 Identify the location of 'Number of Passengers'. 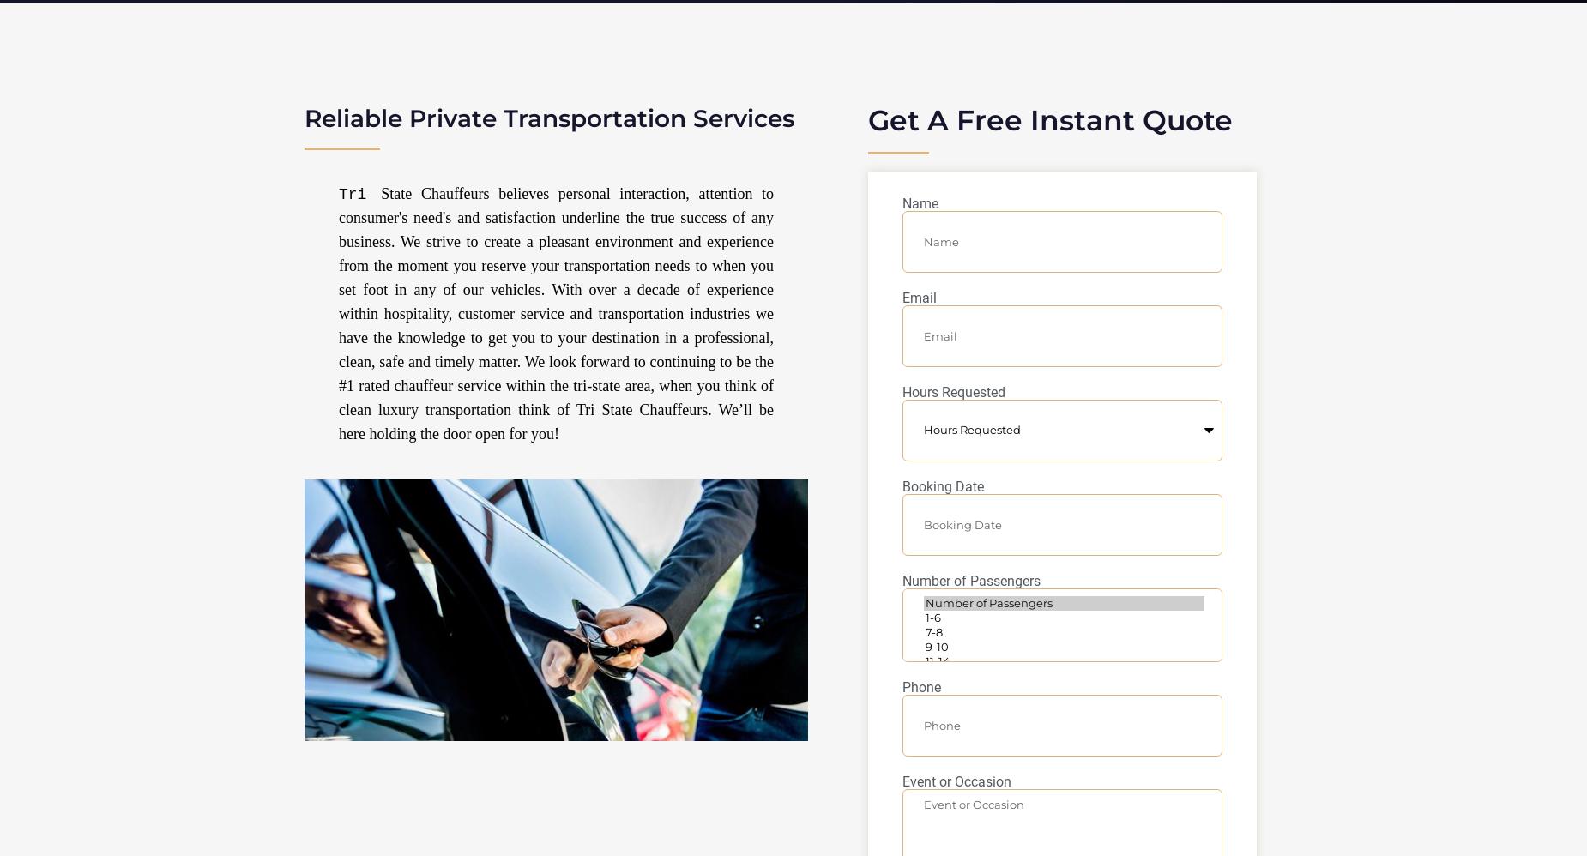
(901, 580).